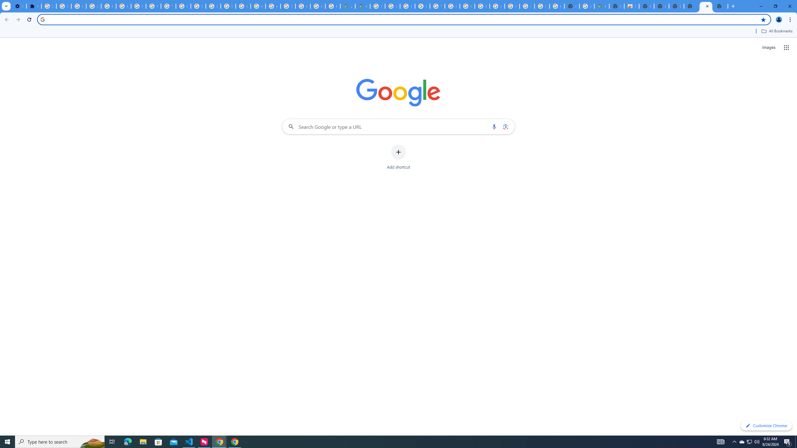  I want to click on 'New Tab', so click(691, 6).